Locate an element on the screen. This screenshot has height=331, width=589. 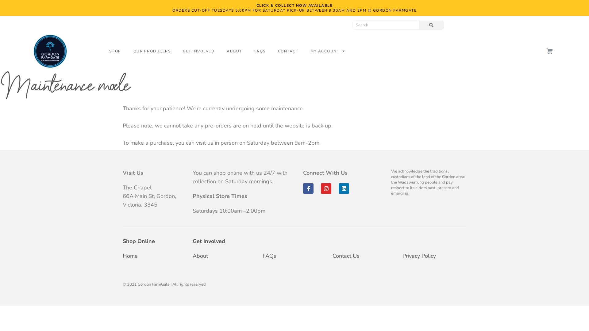
'FAQs' is located at coordinates (269, 256).